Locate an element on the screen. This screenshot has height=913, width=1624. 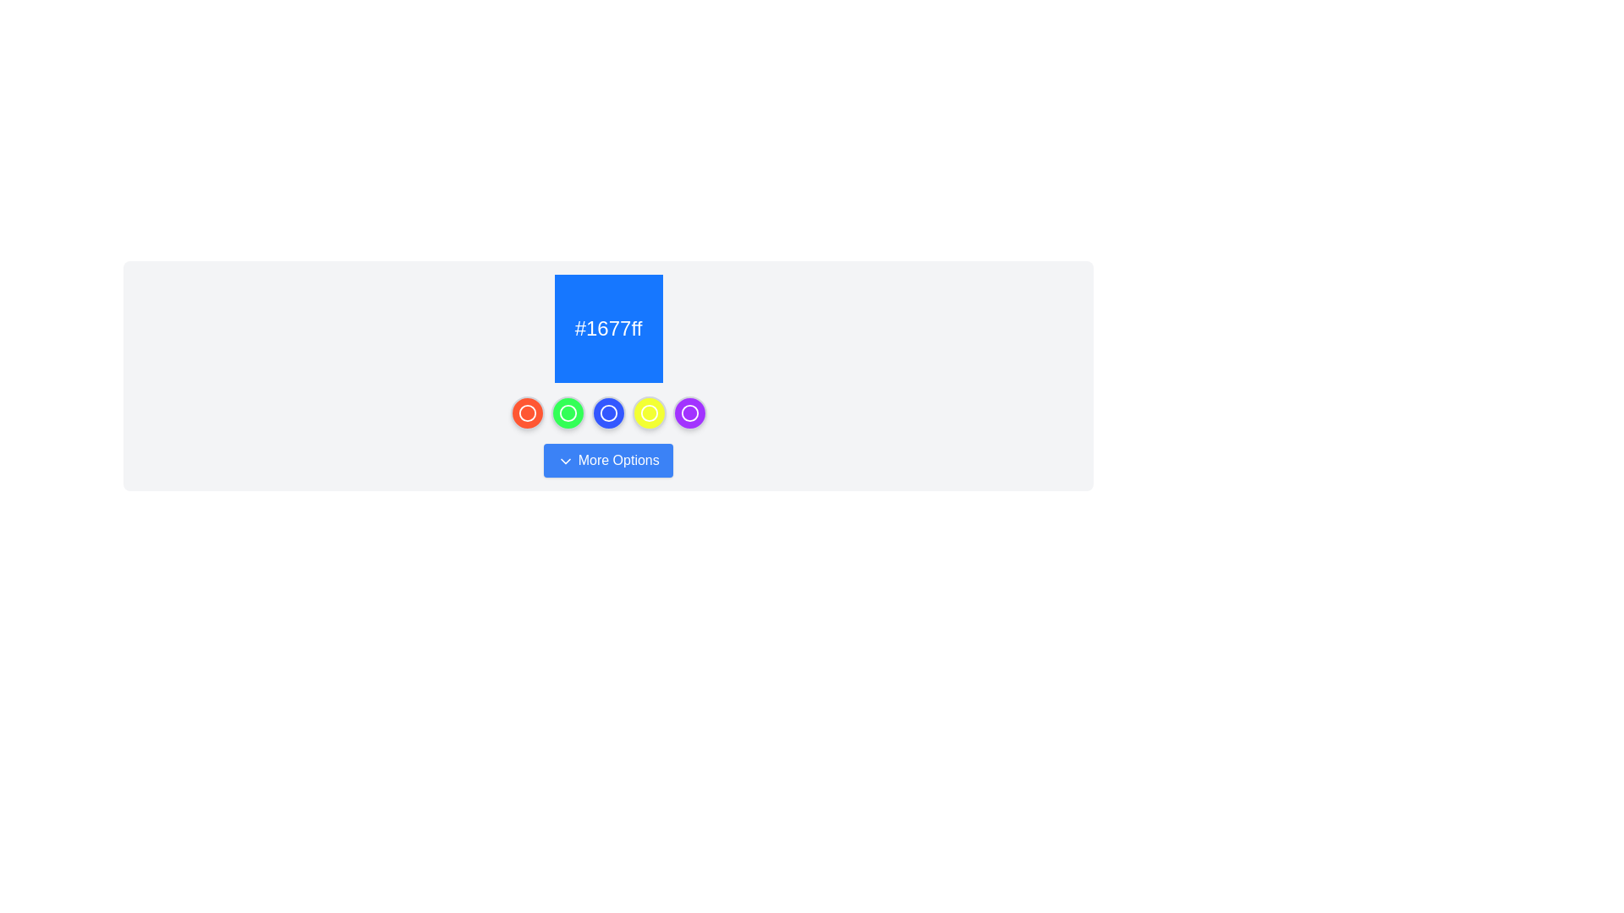
the downward-facing chevron icon located within the 'More Options' button is located at coordinates (566, 461).